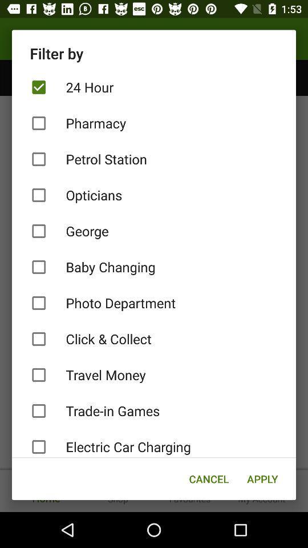 This screenshot has height=548, width=308. Describe the element at coordinates (154, 231) in the screenshot. I see `george` at that location.